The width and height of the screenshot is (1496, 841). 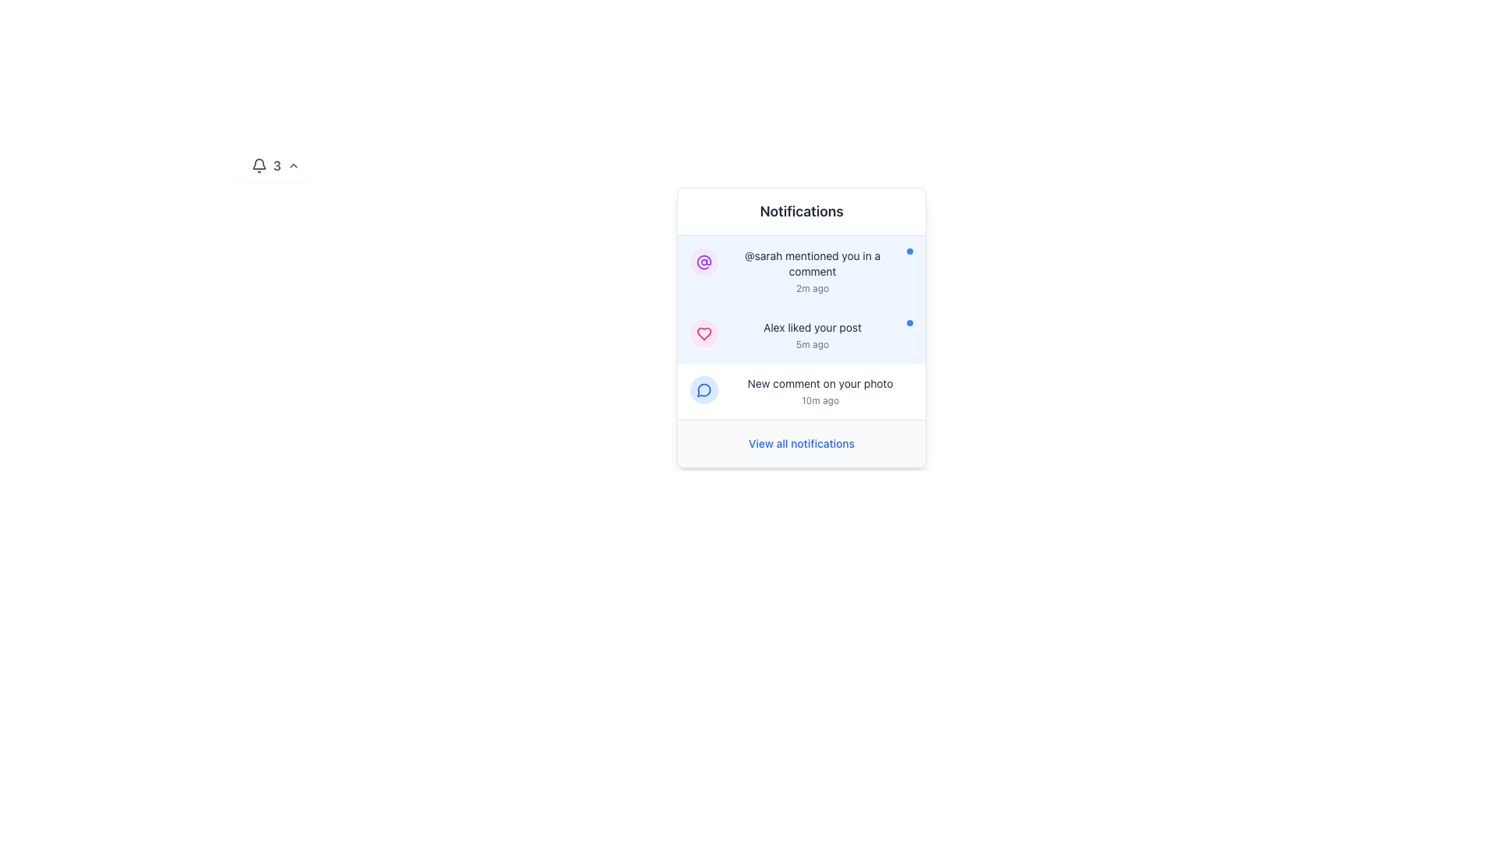 What do you see at coordinates (801, 212) in the screenshot?
I see `the 'Notifications' header text which is styled in bold and larger size at the top center of the notification panel` at bounding box center [801, 212].